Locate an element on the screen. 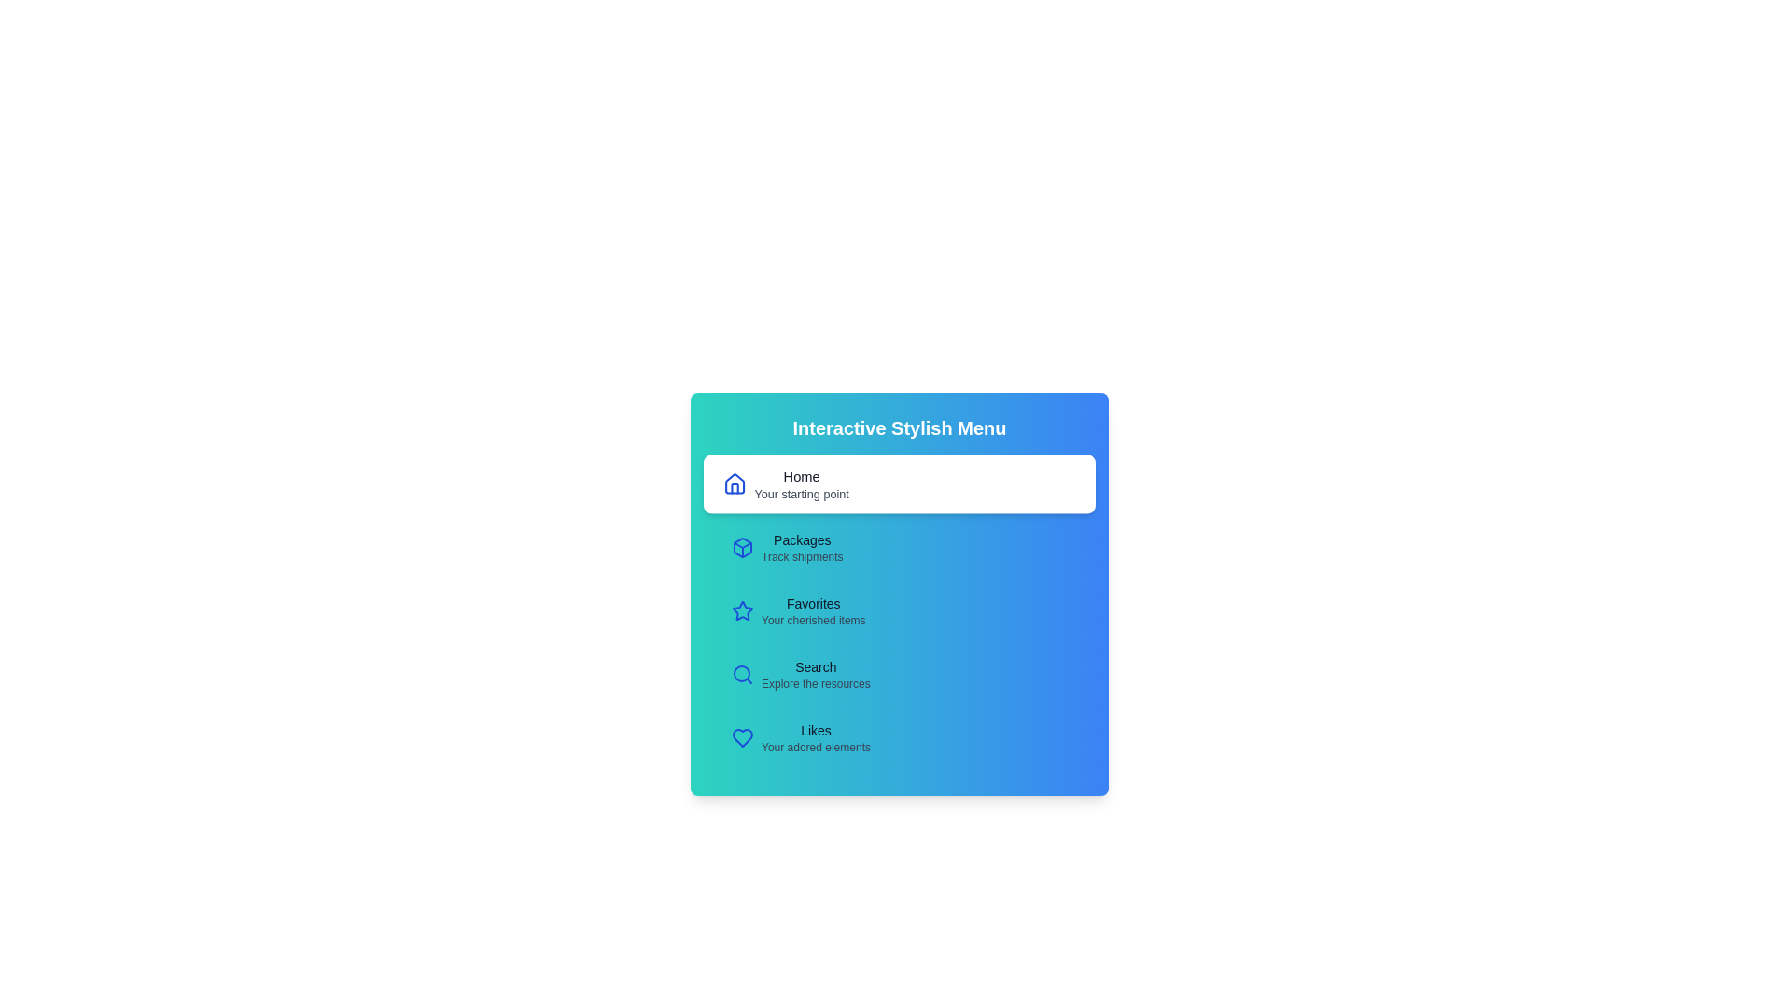 This screenshot has width=1792, height=1008. the menu item Home is located at coordinates (900, 483).